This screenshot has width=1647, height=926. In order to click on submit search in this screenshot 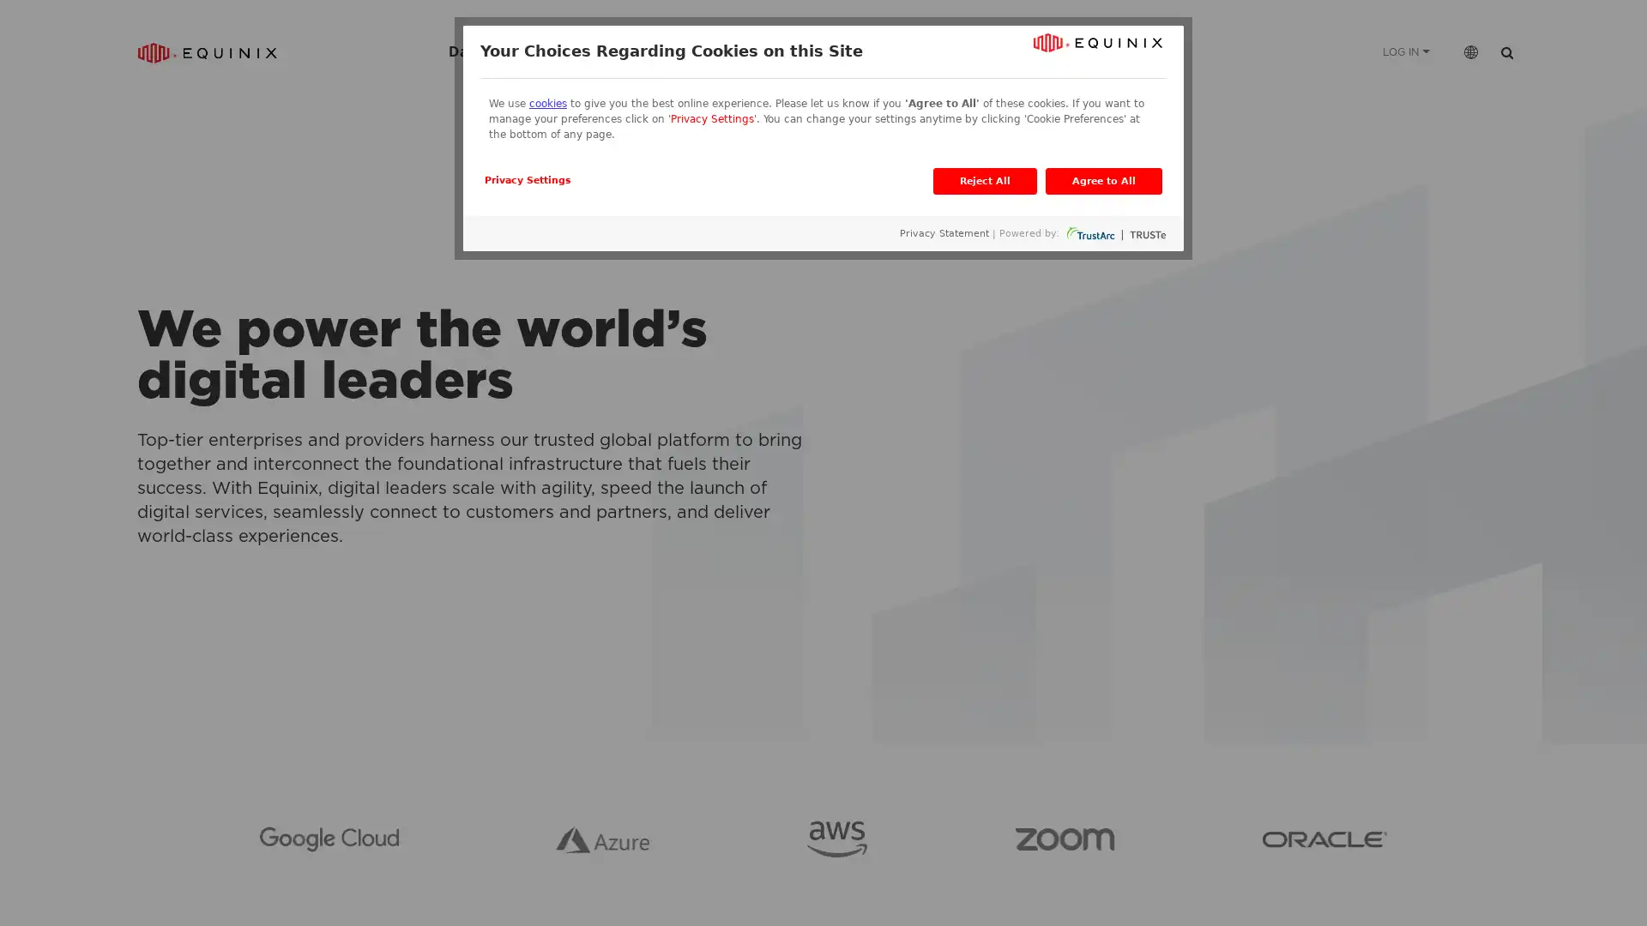, I will do `click(1505, 51)`.